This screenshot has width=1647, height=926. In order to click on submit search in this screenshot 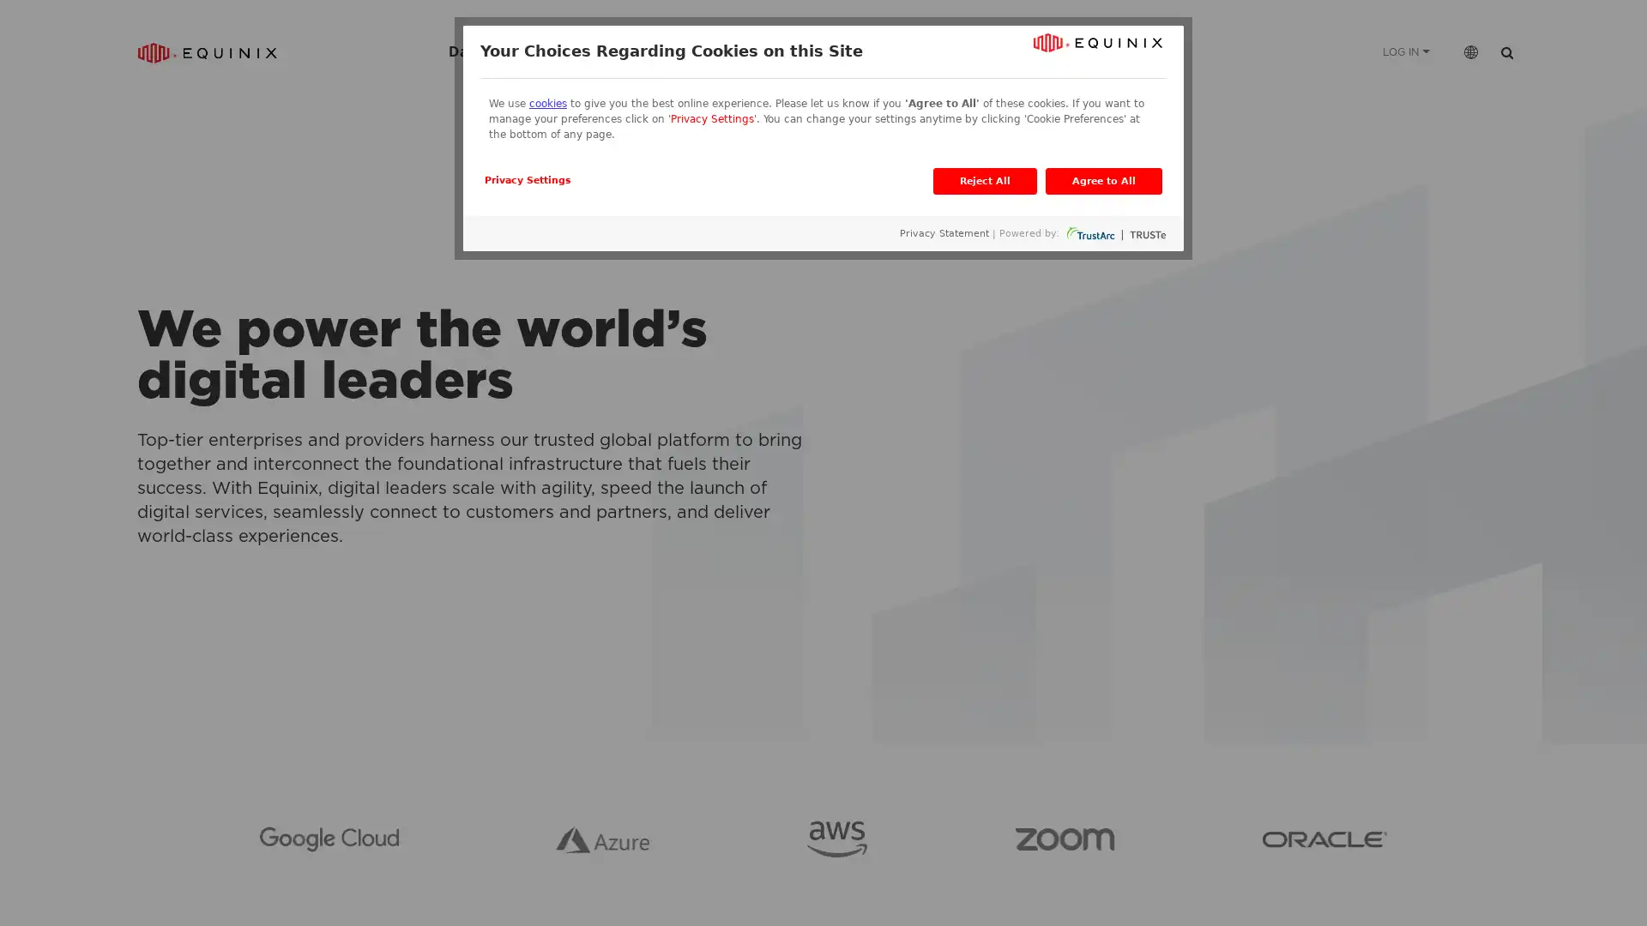, I will do `click(1505, 51)`.